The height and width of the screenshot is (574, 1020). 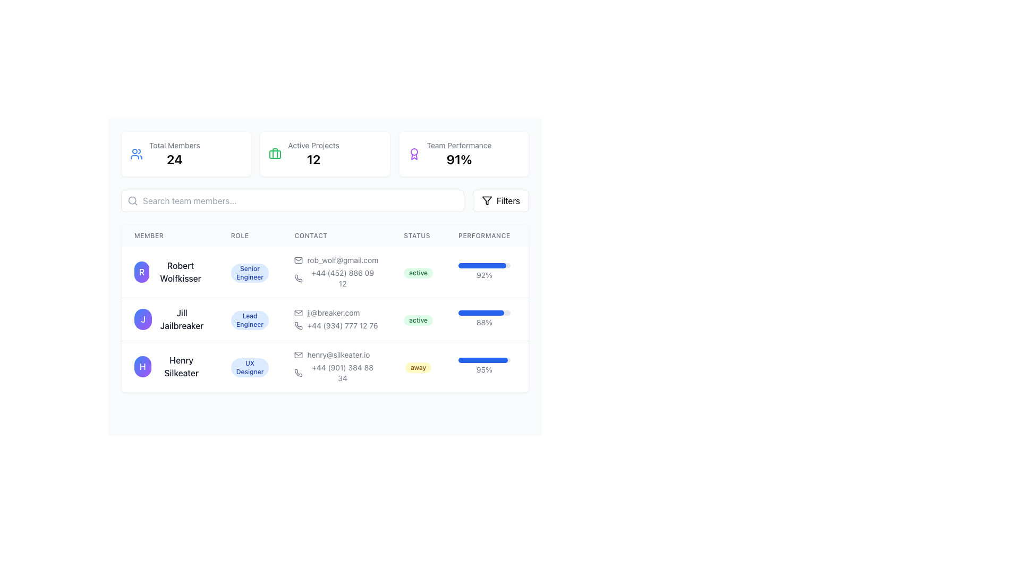 What do you see at coordinates (336, 272) in the screenshot?
I see `the text and icon pair displaying contact information for team member 'Robert Wolfkisser' located under the 'Contact' column in the first row of the team members table` at bounding box center [336, 272].